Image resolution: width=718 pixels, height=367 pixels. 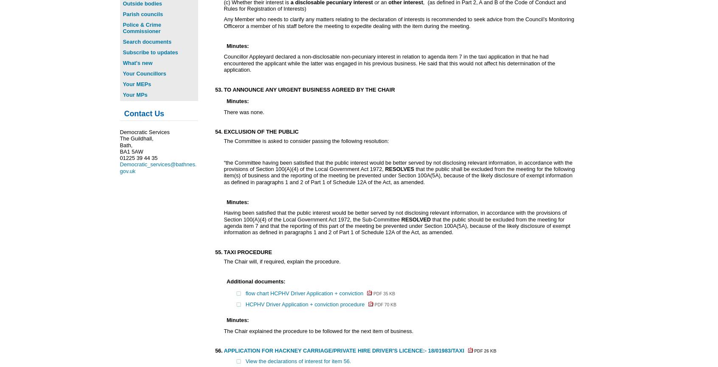 What do you see at coordinates (131, 151) in the screenshot?
I see `'BA1 5AW'` at bounding box center [131, 151].